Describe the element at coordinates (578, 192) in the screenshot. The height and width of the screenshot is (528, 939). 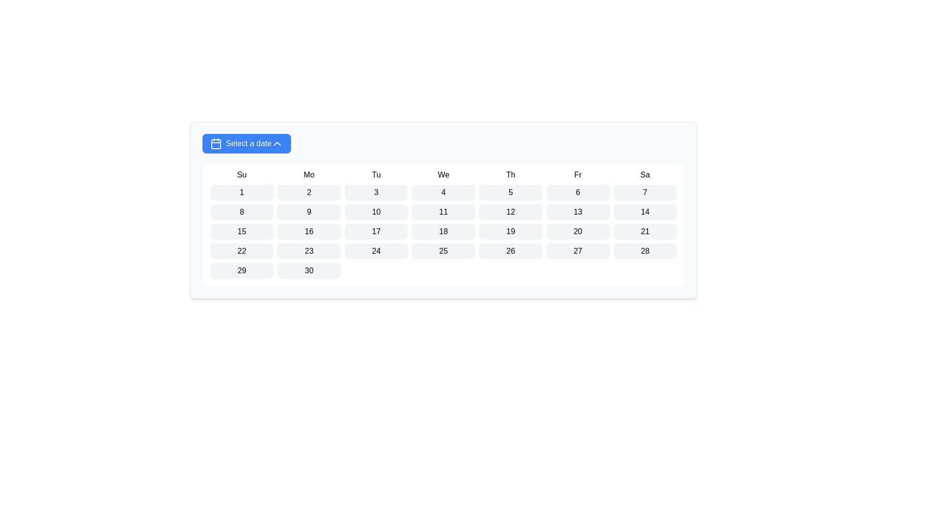
I see `the button displaying the number 6, which is a rounded rectangle with a light gray background that changes to blue when hovered upon, located in the first row of a calendar grid` at that location.